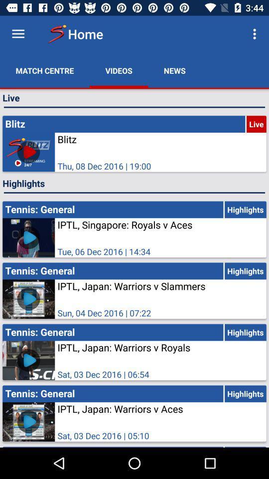 This screenshot has height=479, width=269. Describe the element at coordinates (119, 70) in the screenshot. I see `app next to match centre item` at that location.